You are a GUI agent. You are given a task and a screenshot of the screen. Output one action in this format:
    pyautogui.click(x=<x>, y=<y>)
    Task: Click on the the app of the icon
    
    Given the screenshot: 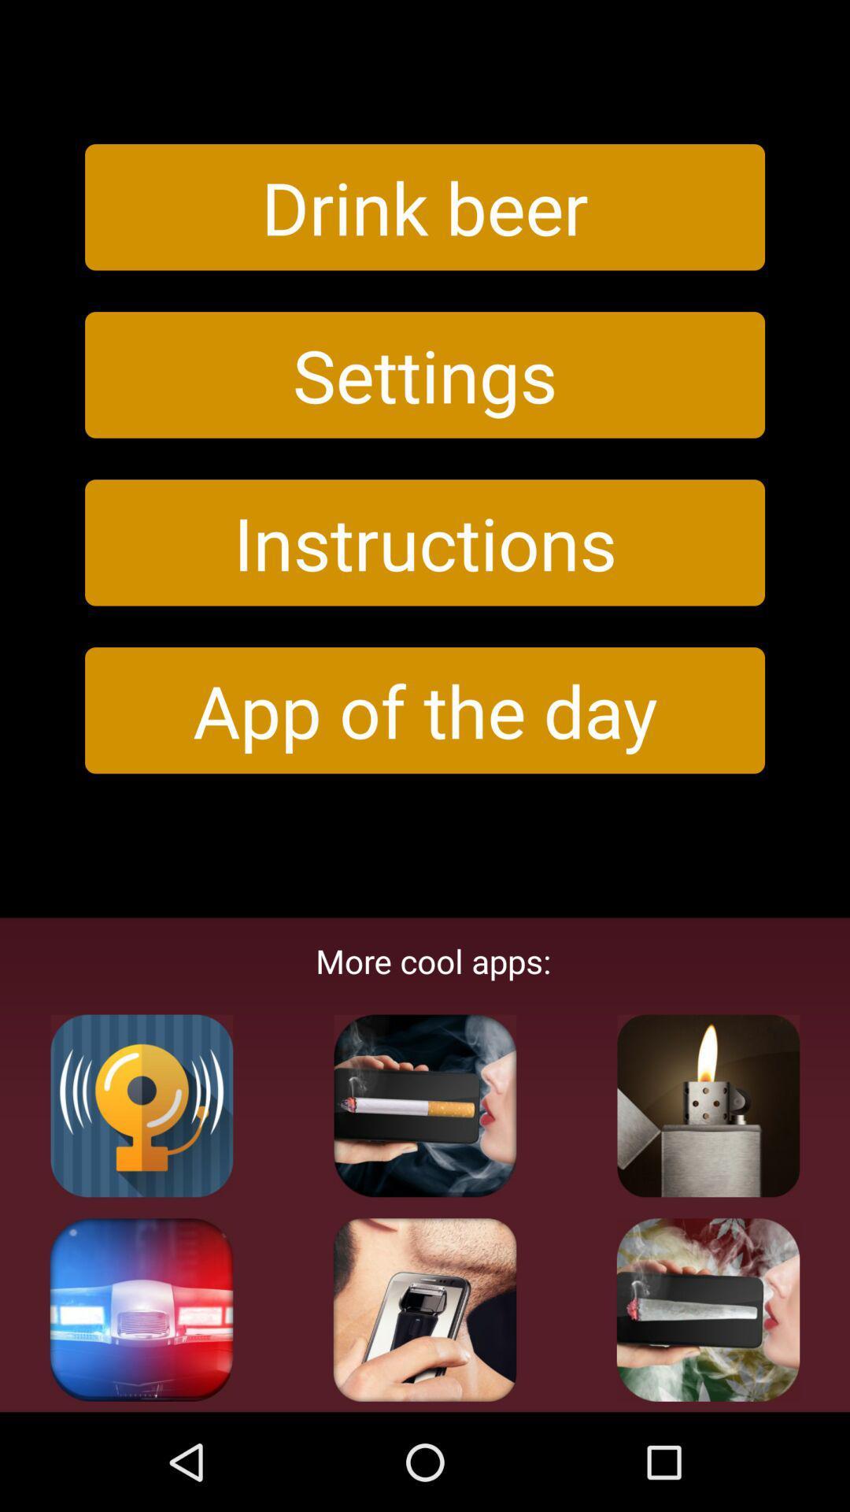 What is the action you would take?
    pyautogui.click(x=425, y=710)
    